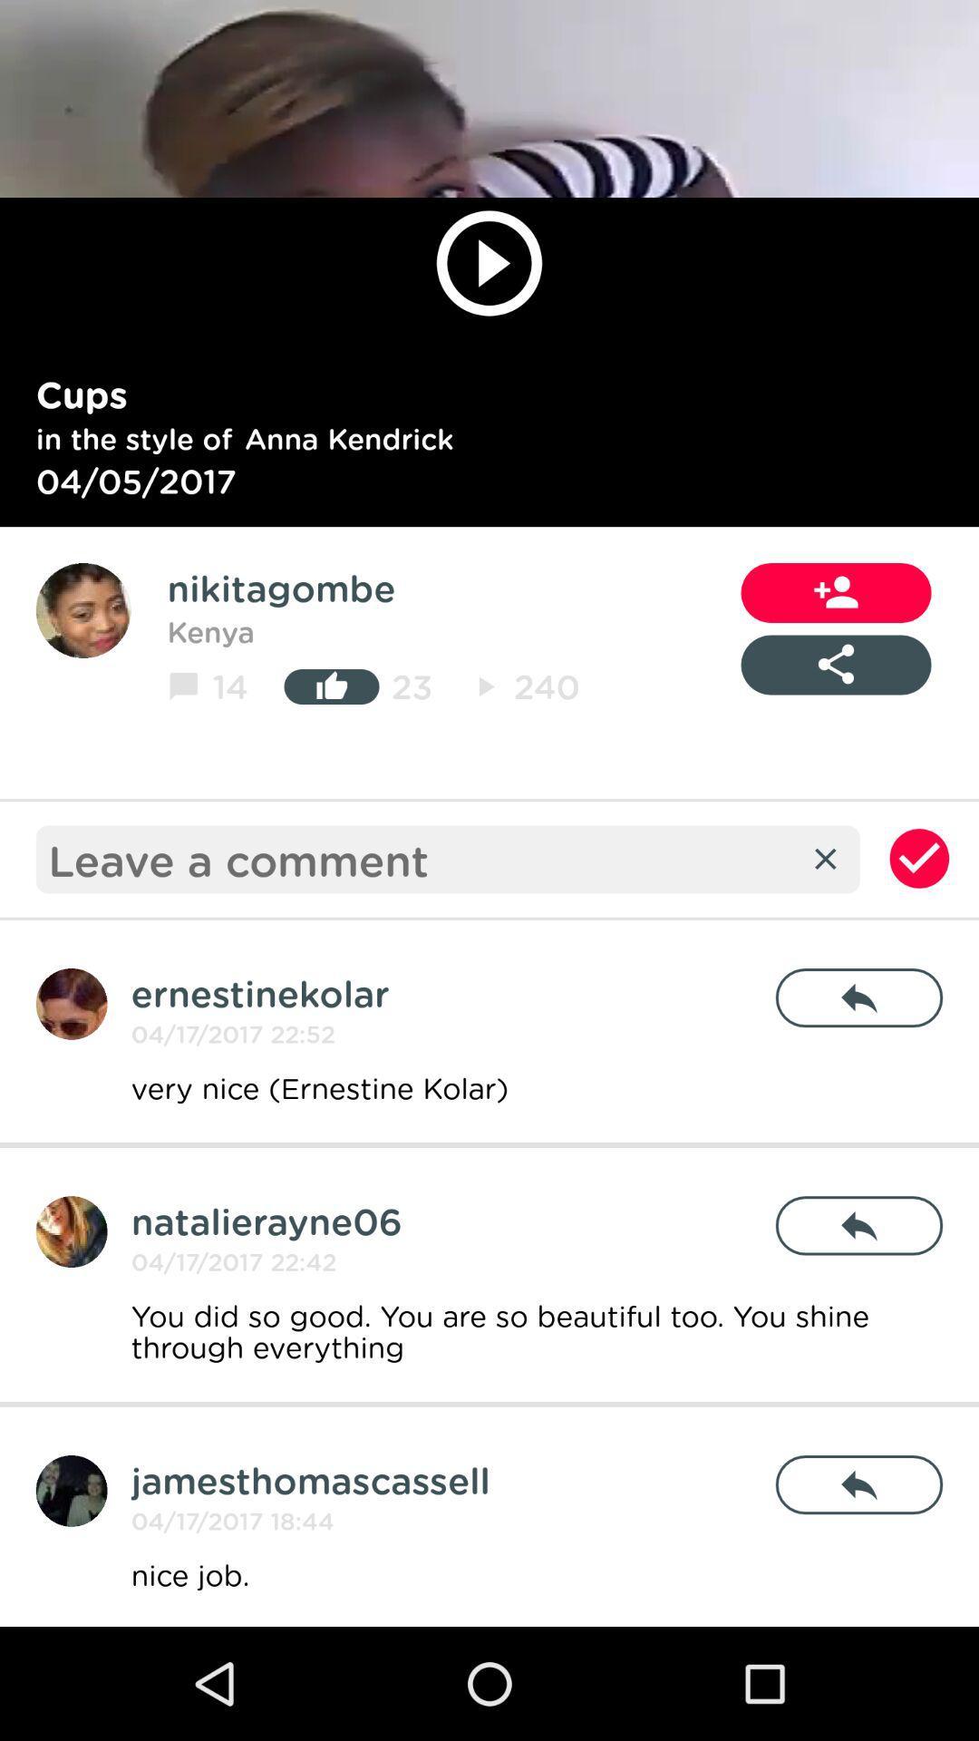  What do you see at coordinates (309, 1480) in the screenshot?
I see `the jamesthomascassell icon` at bounding box center [309, 1480].